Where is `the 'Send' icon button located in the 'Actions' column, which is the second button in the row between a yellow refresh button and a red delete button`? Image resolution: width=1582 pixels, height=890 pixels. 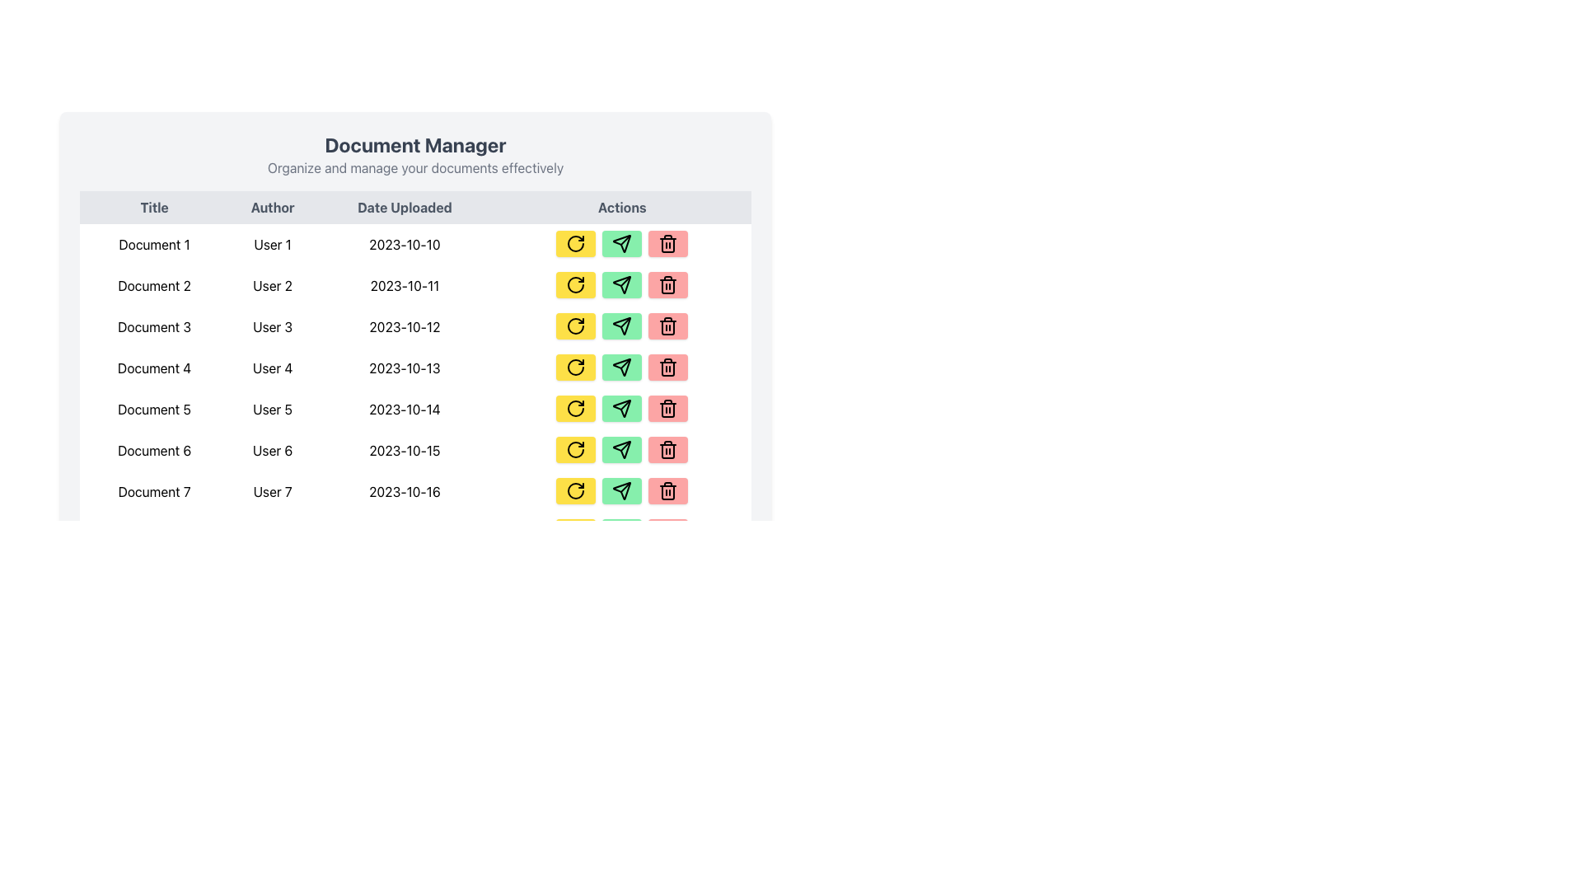
the 'Send' icon button located in the 'Actions' column, which is the second button in the row between a yellow refresh button and a red delete button is located at coordinates (621, 244).